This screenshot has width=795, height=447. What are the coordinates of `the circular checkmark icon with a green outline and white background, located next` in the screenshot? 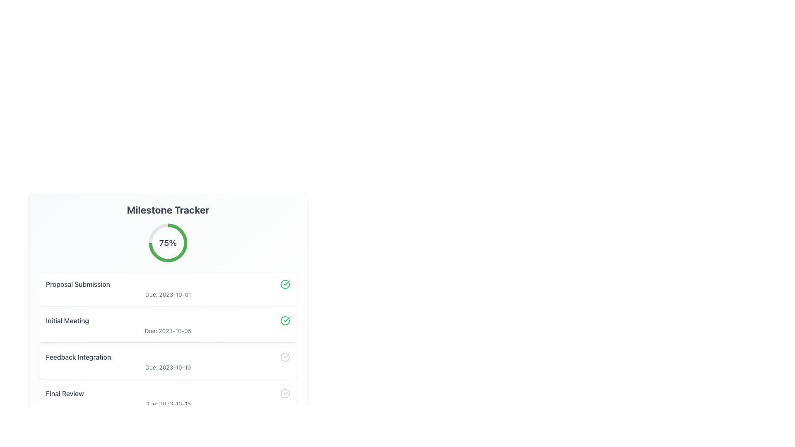 It's located at (285, 284).